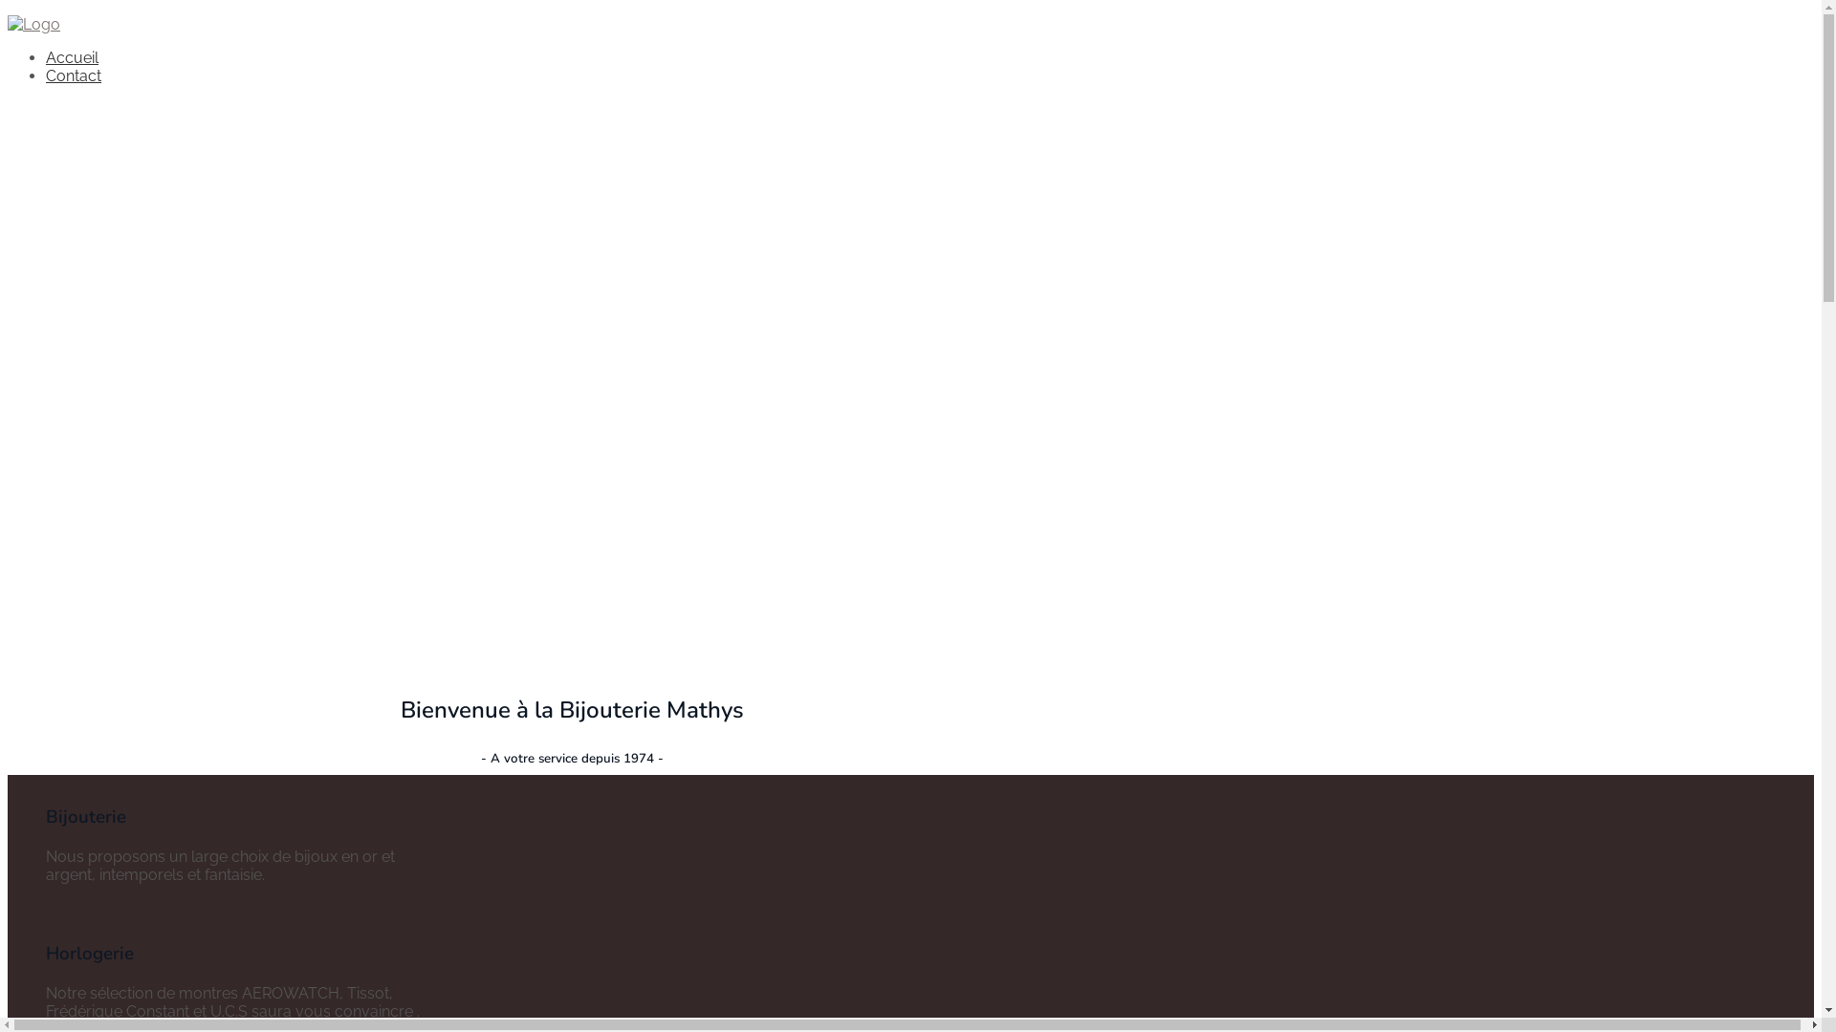 This screenshot has height=1032, width=1836. I want to click on 'Accueil', so click(72, 56).